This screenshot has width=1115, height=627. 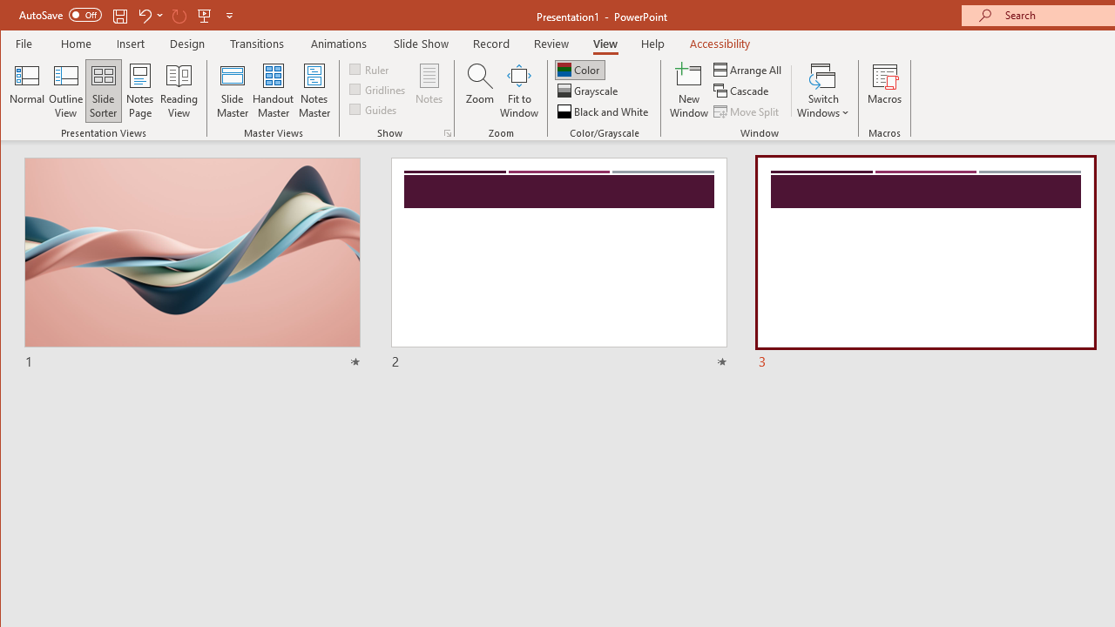 What do you see at coordinates (139, 91) in the screenshot?
I see `'Notes Page'` at bounding box center [139, 91].